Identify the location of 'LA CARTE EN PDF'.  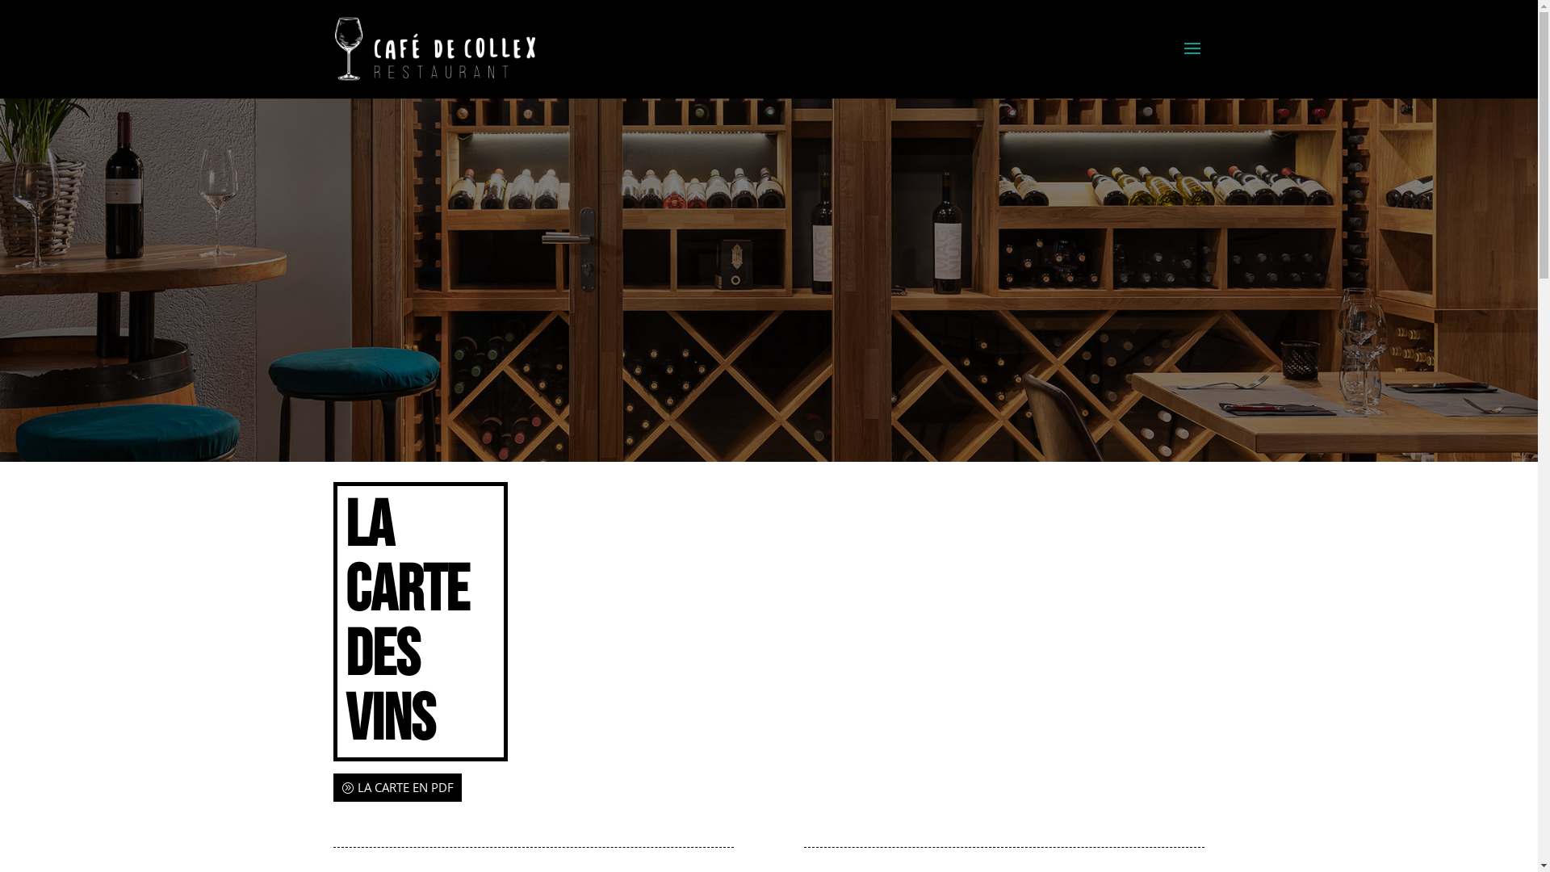
(396, 786).